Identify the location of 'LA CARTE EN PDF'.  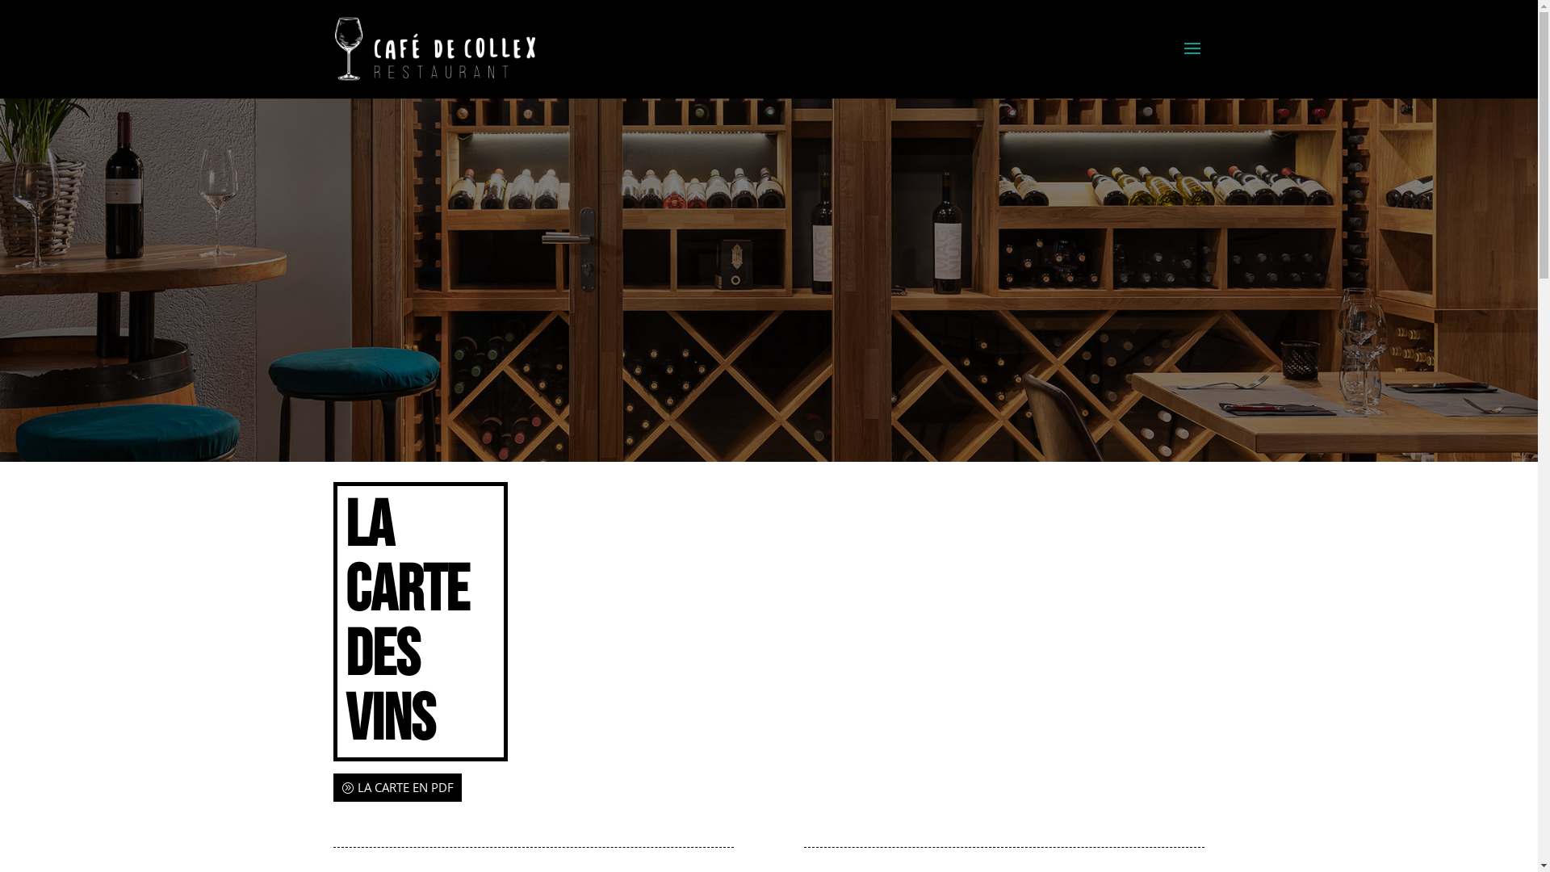
(396, 786).